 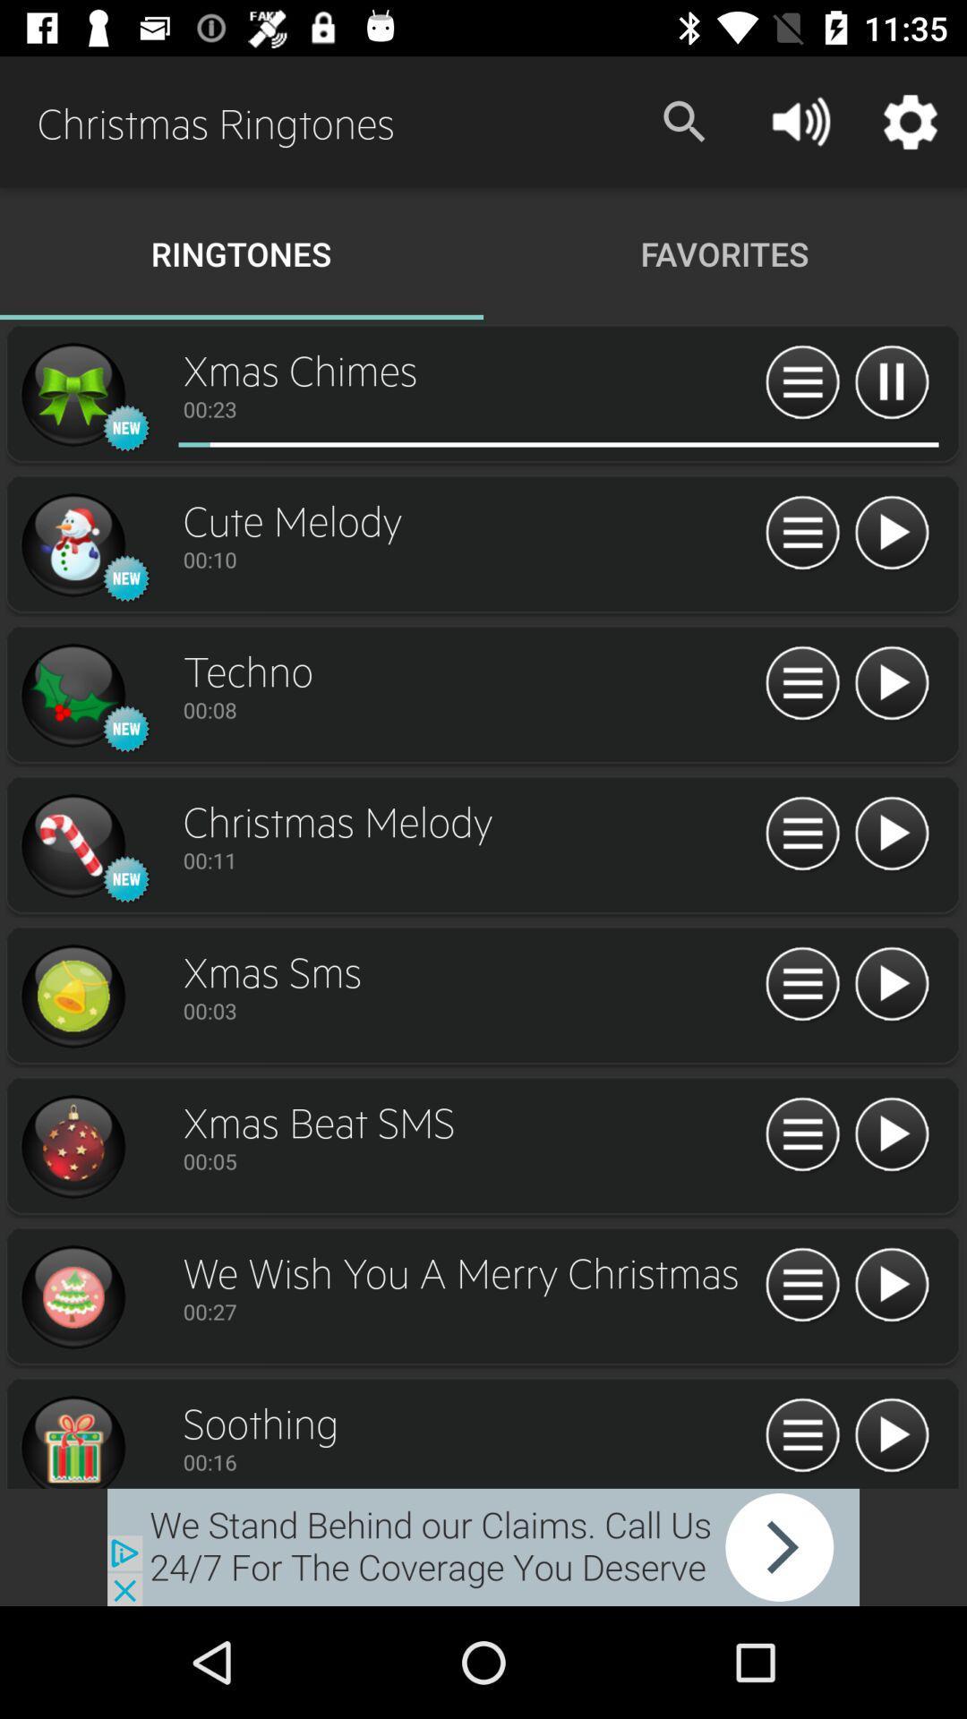 What do you see at coordinates (72, 695) in the screenshot?
I see `explore techno option` at bounding box center [72, 695].